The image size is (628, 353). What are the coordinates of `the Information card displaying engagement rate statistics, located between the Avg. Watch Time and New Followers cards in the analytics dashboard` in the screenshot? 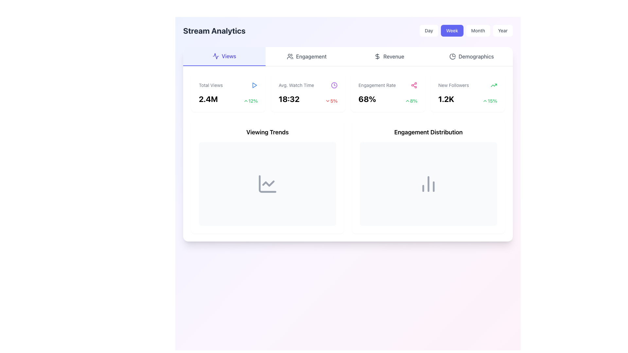 It's located at (348, 93).